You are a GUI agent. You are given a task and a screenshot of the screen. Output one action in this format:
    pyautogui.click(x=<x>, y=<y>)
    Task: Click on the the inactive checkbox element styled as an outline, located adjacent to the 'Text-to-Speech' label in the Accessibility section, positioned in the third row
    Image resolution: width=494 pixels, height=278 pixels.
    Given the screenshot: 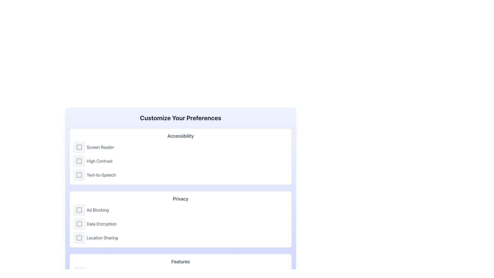 What is the action you would take?
    pyautogui.click(x=79, y=175)
    